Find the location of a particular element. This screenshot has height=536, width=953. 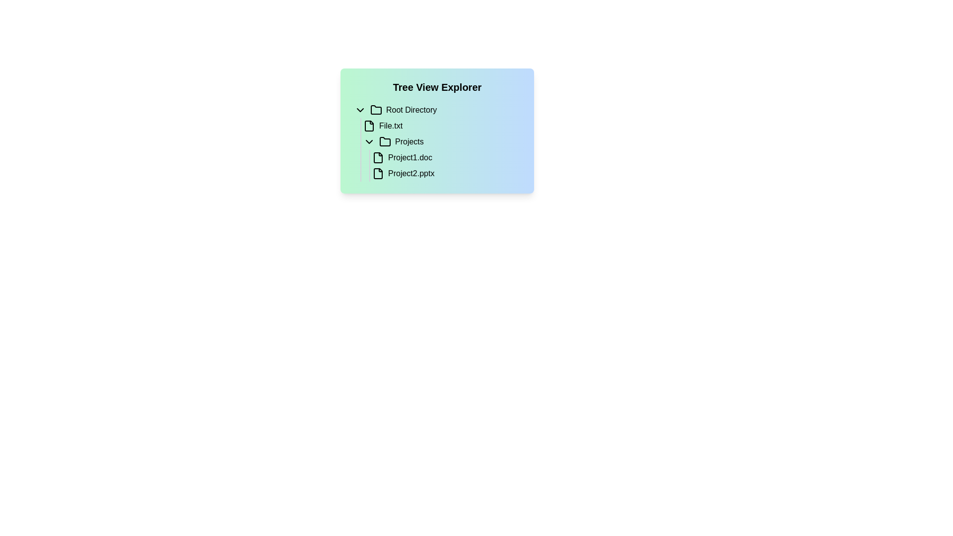

the text label 'Project1.doc' within the 'Tree View Explorer' is located at coordinates (410, 157).